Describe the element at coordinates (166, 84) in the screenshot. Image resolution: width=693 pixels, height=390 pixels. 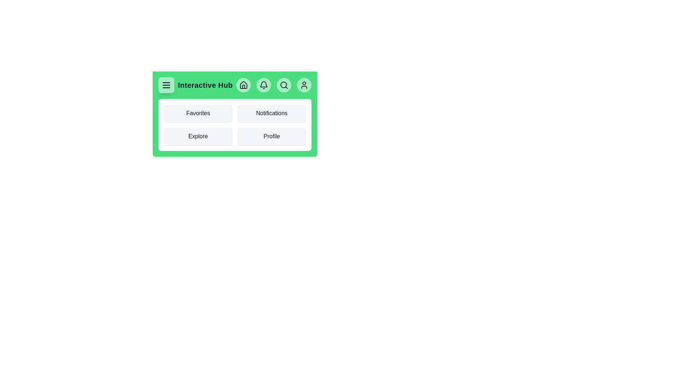
I see `the interactive element Menu Button` at that location.